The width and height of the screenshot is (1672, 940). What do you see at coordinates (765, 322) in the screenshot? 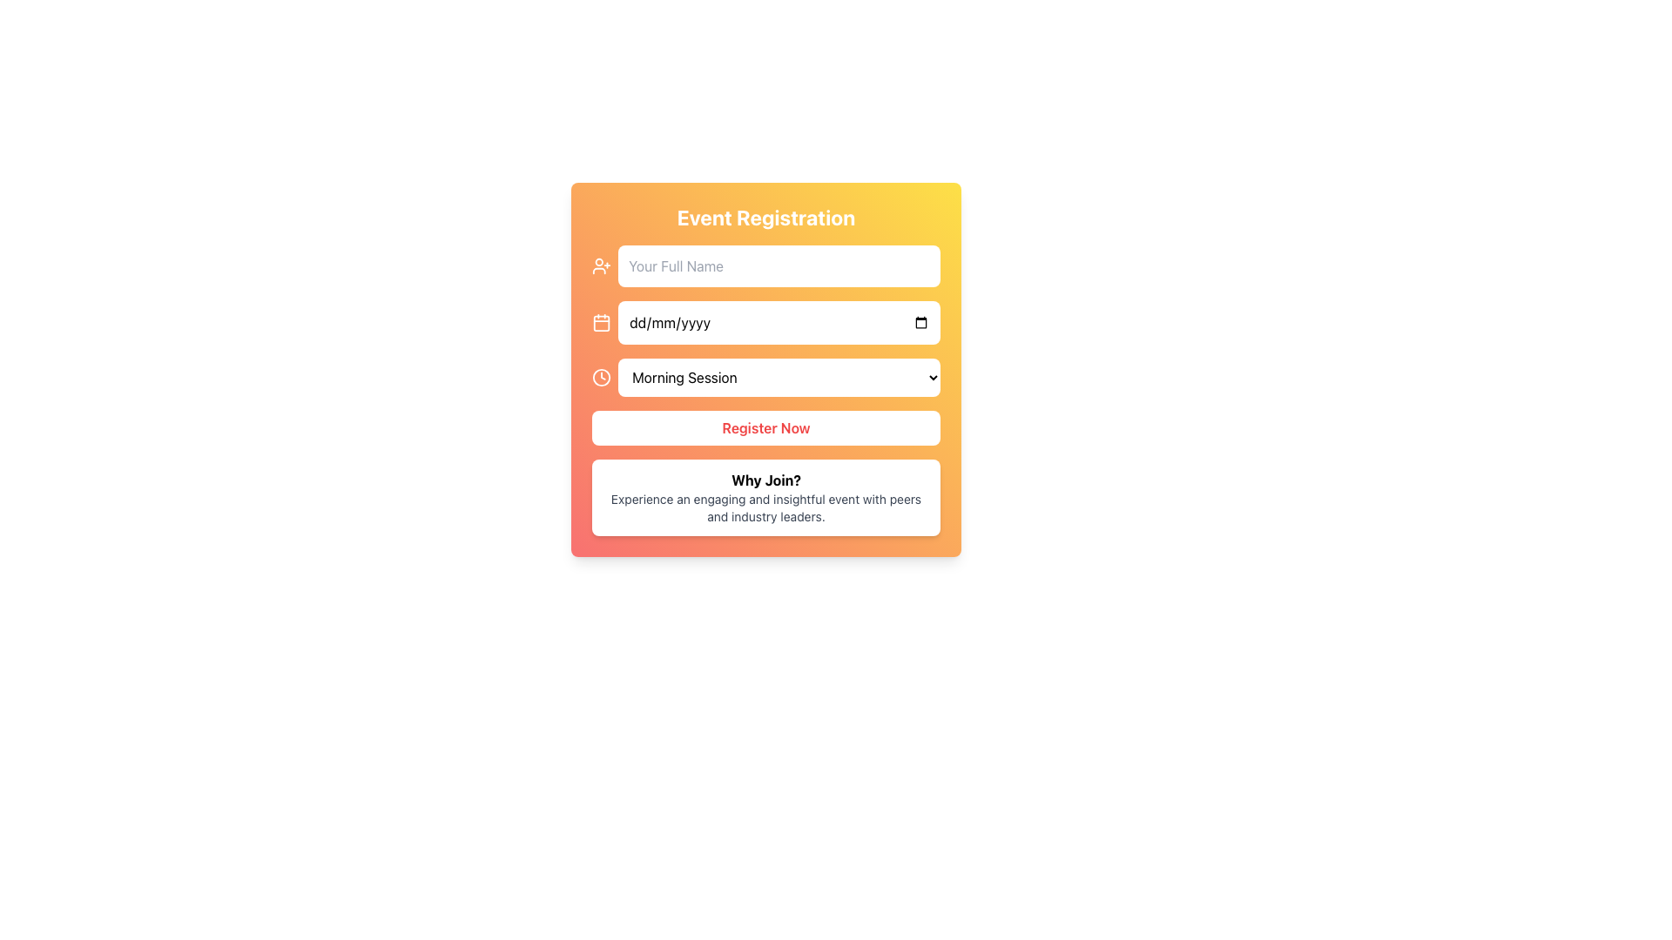
I see `the date input field styled with rounded corners and a borderless appearance, which is located below the 'Your Full Name' input field and above the 'Morning Session' dropdown` at bounding box center [765, 322].